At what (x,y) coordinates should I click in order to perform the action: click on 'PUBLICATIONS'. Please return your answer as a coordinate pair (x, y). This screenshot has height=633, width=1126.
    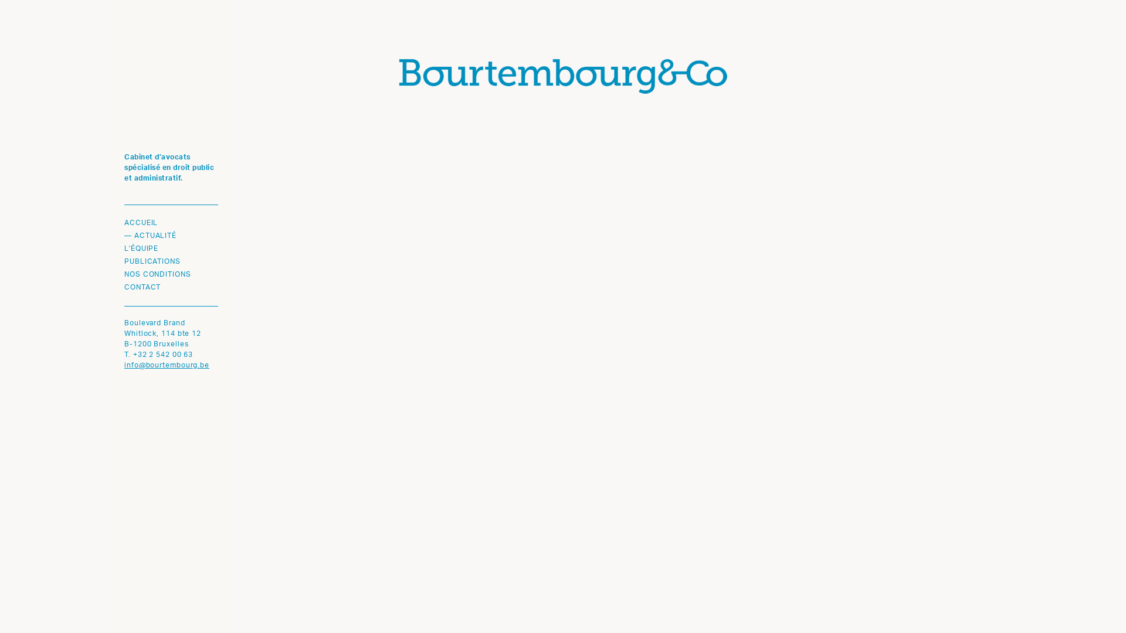
    Looking at the image, I should click on (171, 261).